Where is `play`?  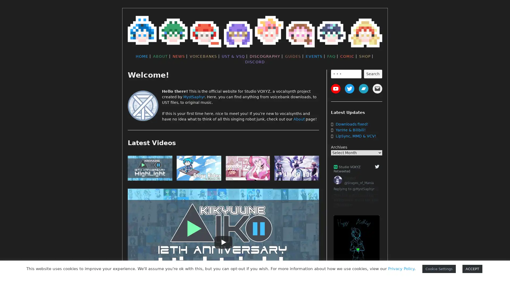
play is located at coordinates (247, 169).